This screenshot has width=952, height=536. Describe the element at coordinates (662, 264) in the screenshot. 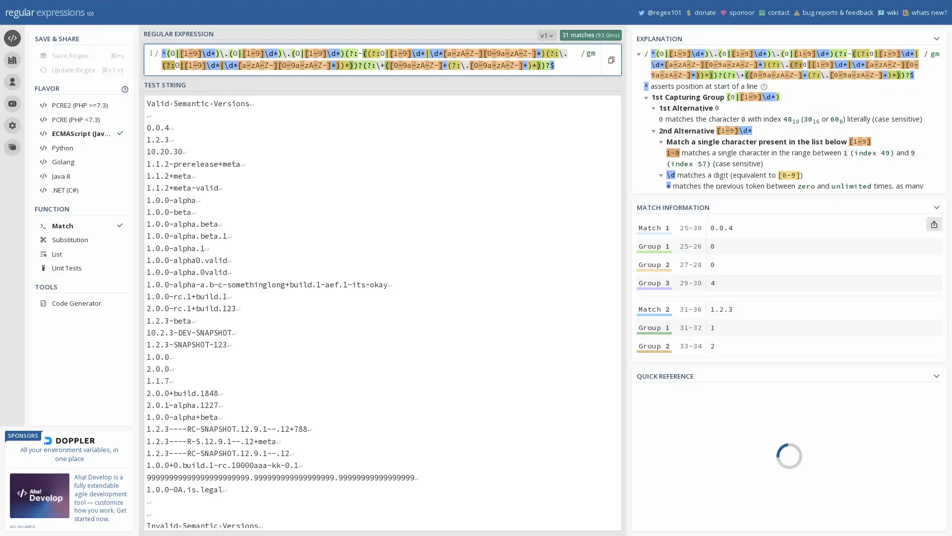

I see `Collapse Subtree` at that location.